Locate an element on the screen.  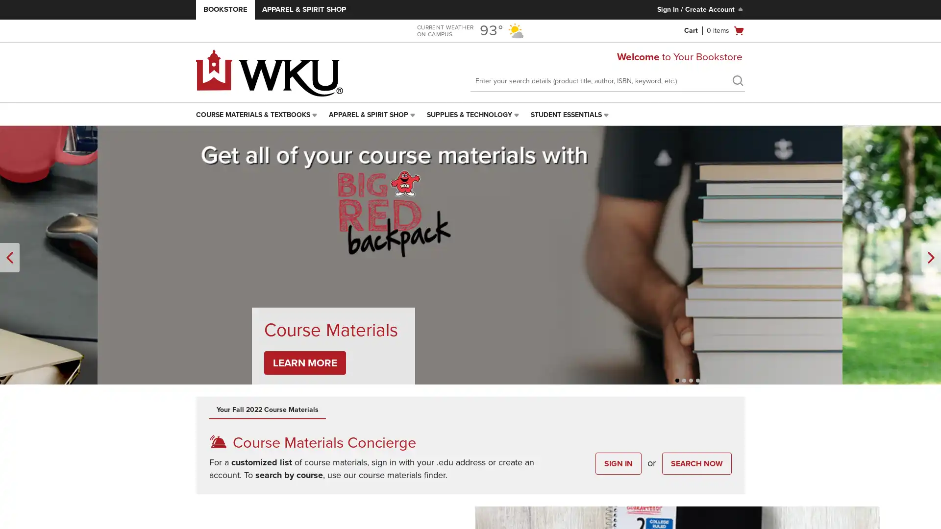
Unselected, Slide 4 is located at coordinates (697, 380).